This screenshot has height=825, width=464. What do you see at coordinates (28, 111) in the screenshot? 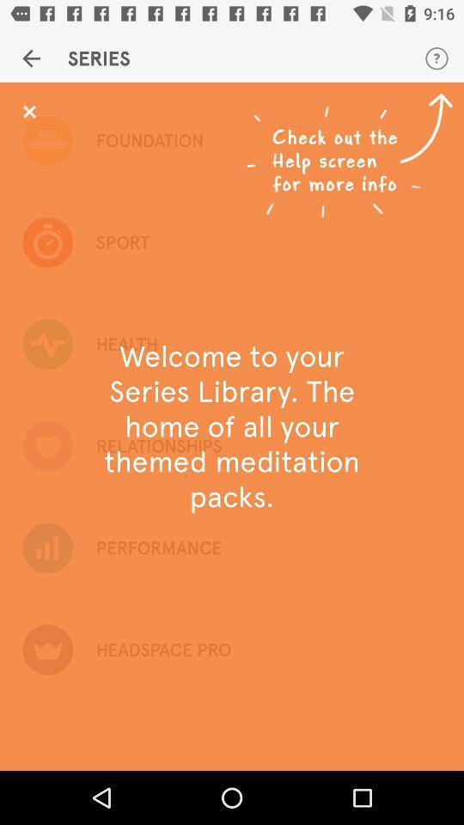
I see `message` at bounding box center [28, 111].